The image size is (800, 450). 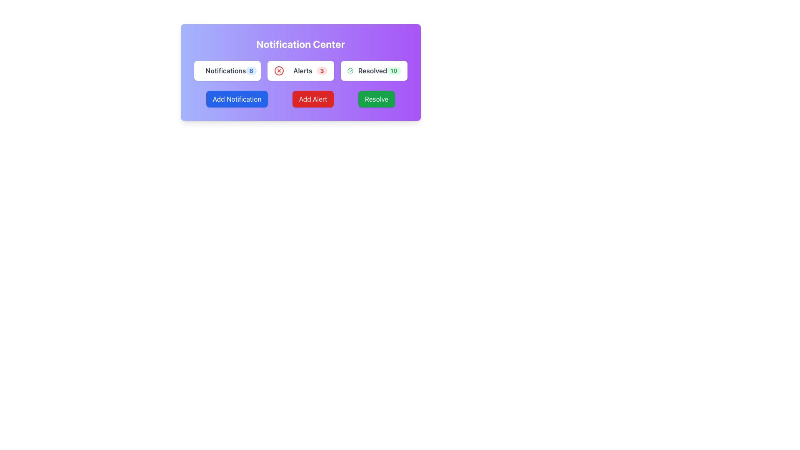 What do you see at coordinates (376, 99) in the screenshot?
I see `the third button in the 'Notification Center'` at bounding box center [376, 99].